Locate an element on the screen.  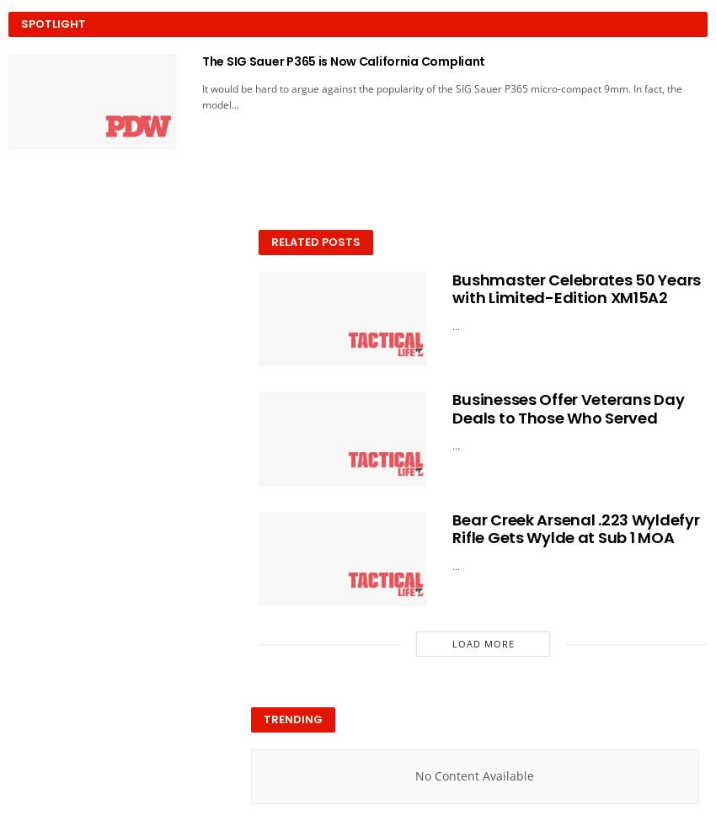
'SPOTLIGHT' is located at coordinates (53, 23).